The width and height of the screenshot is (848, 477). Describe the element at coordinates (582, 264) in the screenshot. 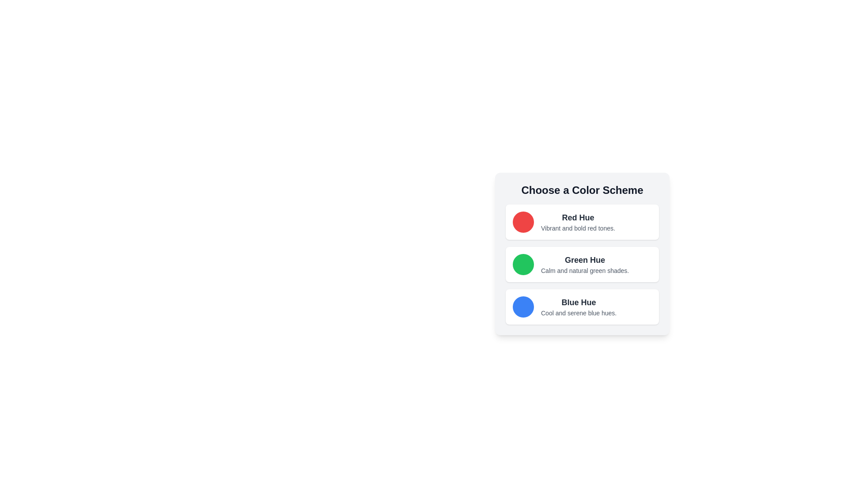

I see `the 'Green Hue' selectable option, which is the second item in the color options list` at that location.